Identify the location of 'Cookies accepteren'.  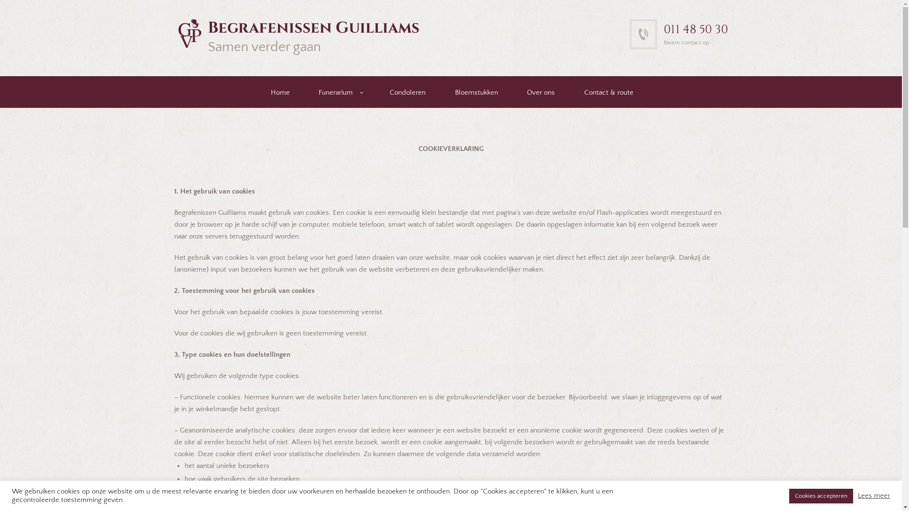
(820, 495).